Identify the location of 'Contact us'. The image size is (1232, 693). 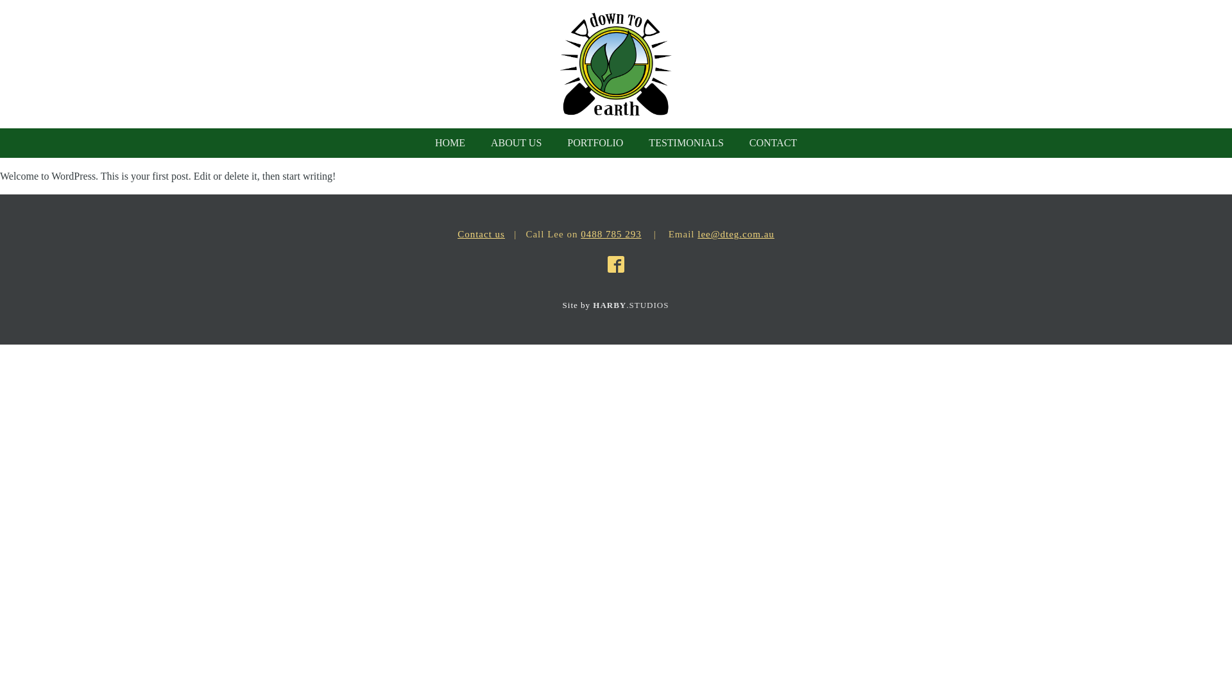
(458, 234).